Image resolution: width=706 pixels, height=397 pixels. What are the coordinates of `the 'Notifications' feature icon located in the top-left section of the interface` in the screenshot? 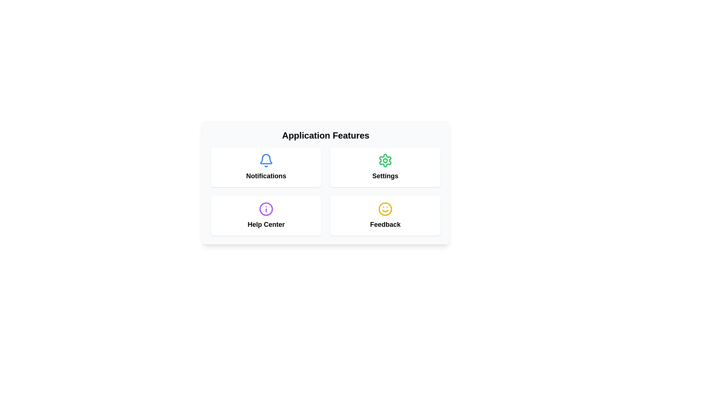 It's located at (266, 167).